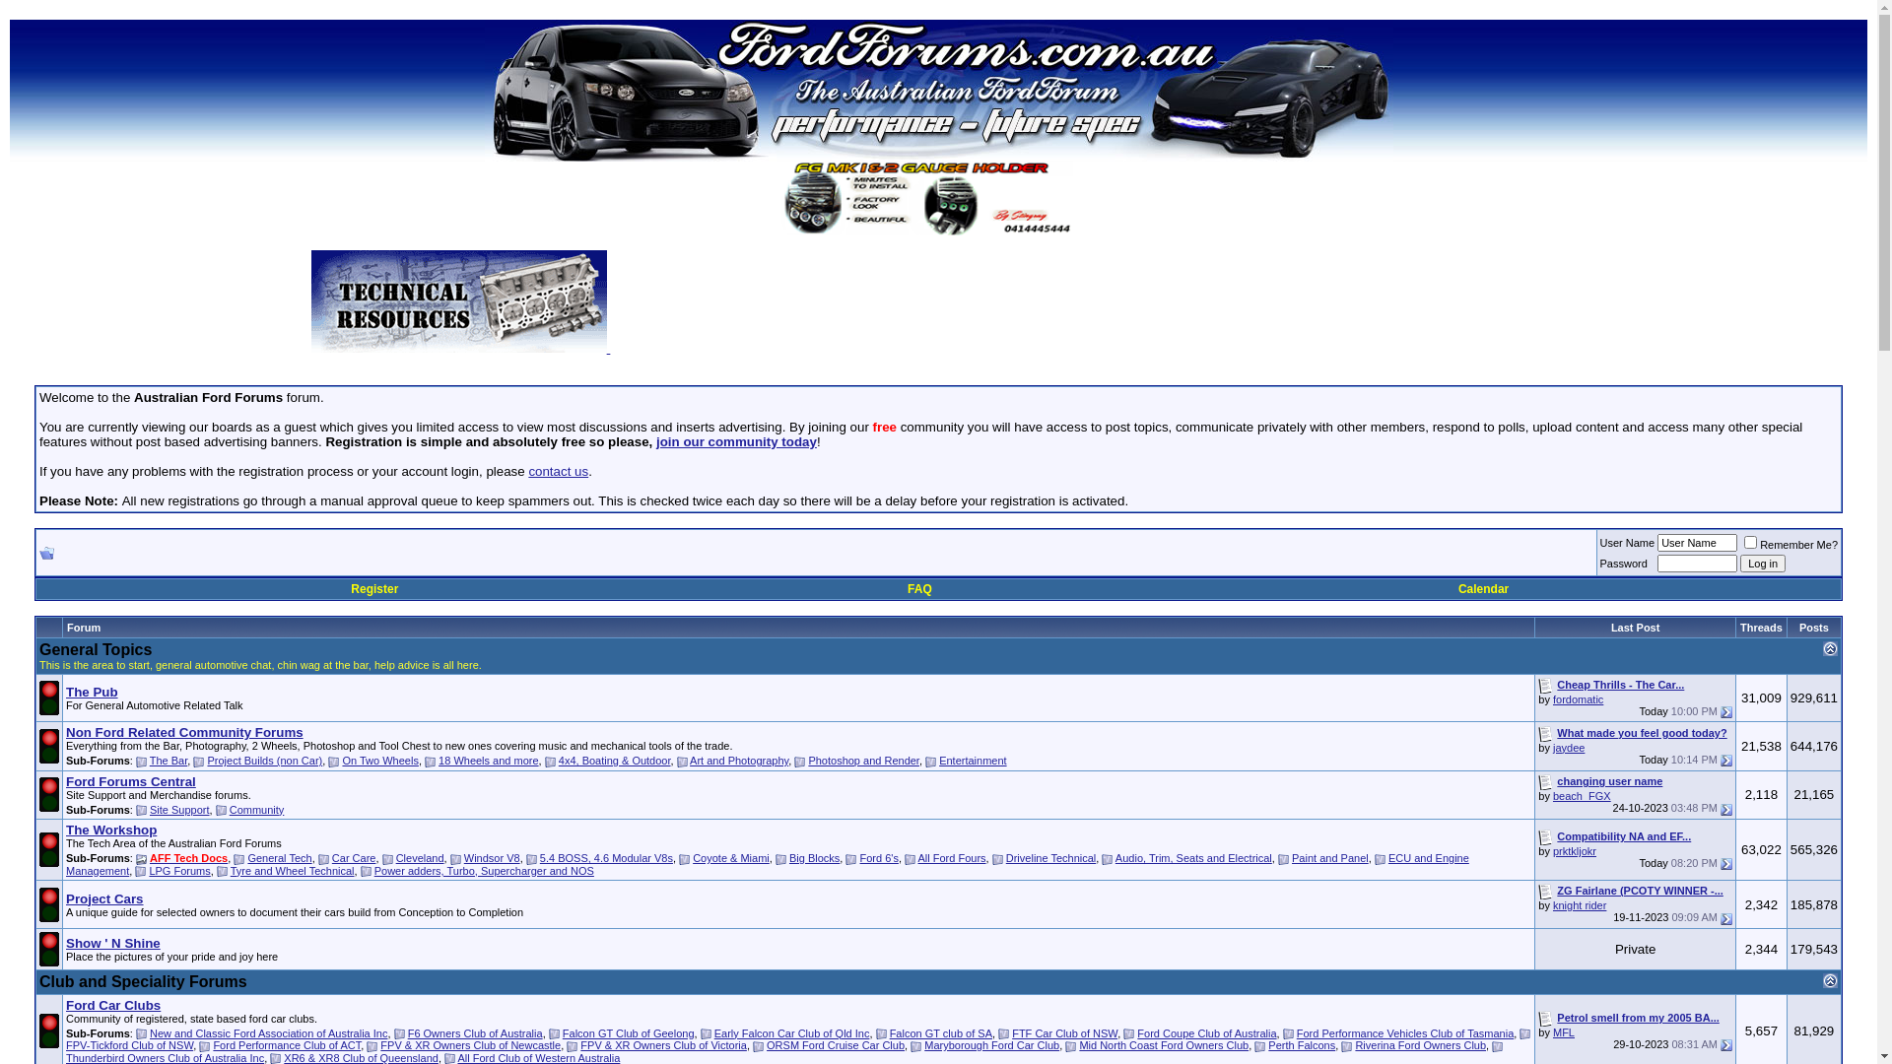 Image resolution: width=1892 pixels, height=1064 pixels. I want to click on 'Log in', so click(1740, 563).